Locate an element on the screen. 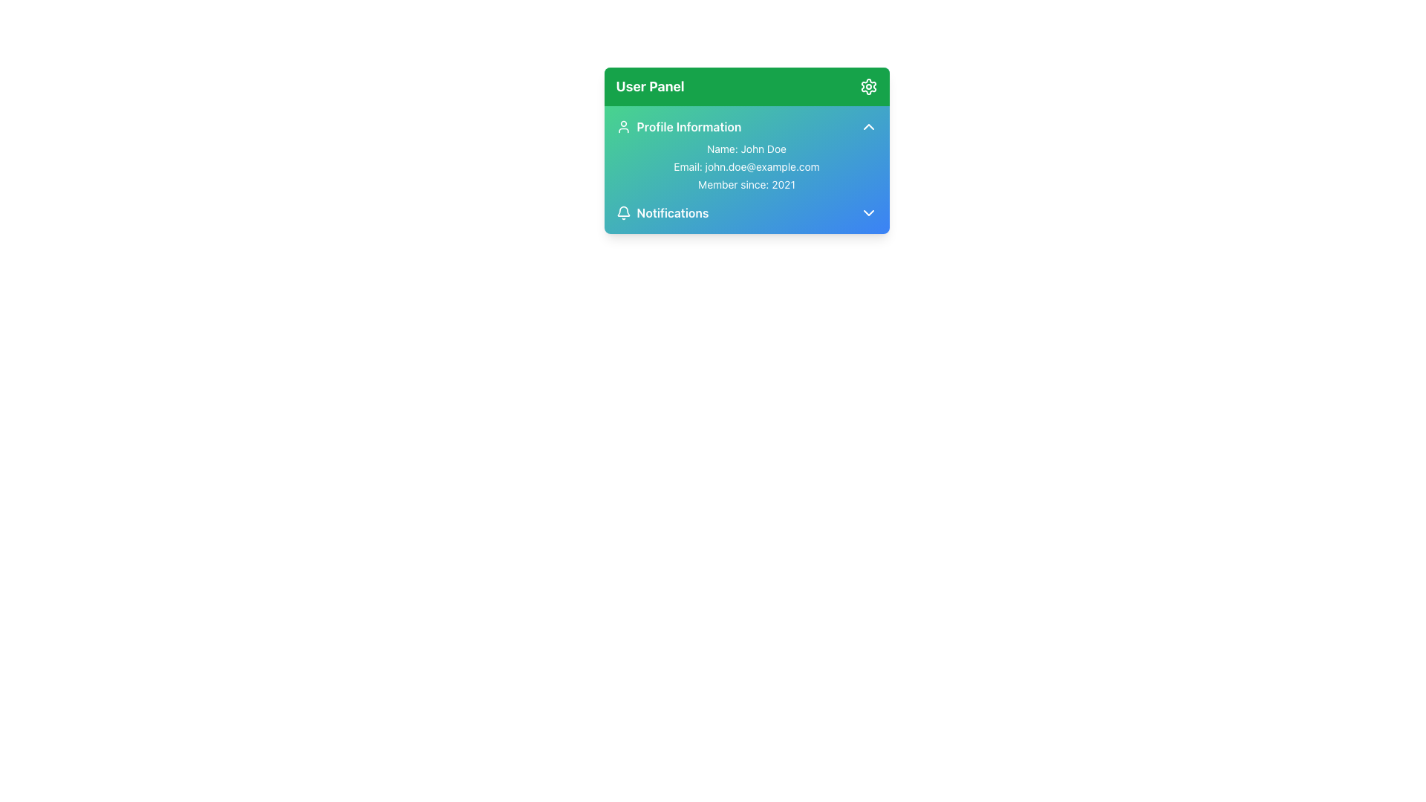  the settings icon button located in the top-right corner of the 'User Panel' card interface is located at coordinates (868, 86).